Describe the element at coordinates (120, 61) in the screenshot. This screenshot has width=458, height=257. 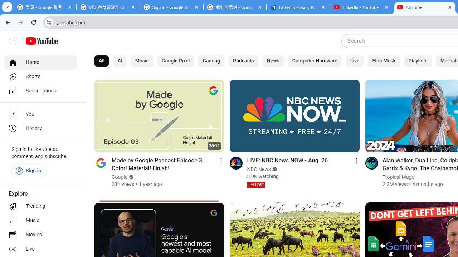
I see `'AI'` at that location.